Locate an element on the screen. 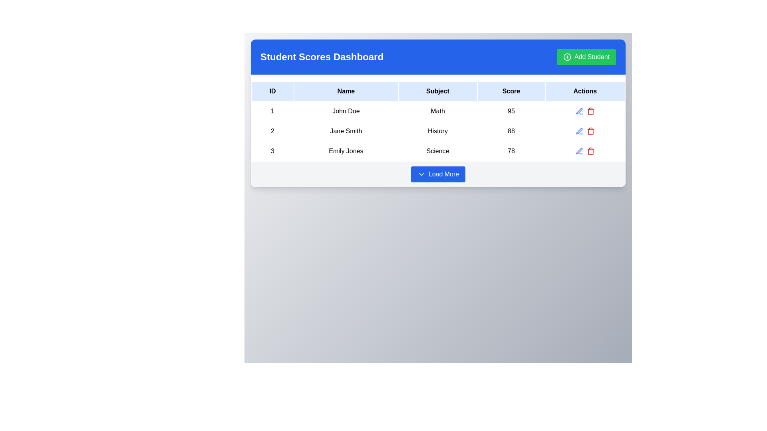 The image size is (767, 431). the Text label in the 'Subject' column, which is the third cell in the first row of the table, located between 'John Doe' and '95' is located at coordinates (437, 111).